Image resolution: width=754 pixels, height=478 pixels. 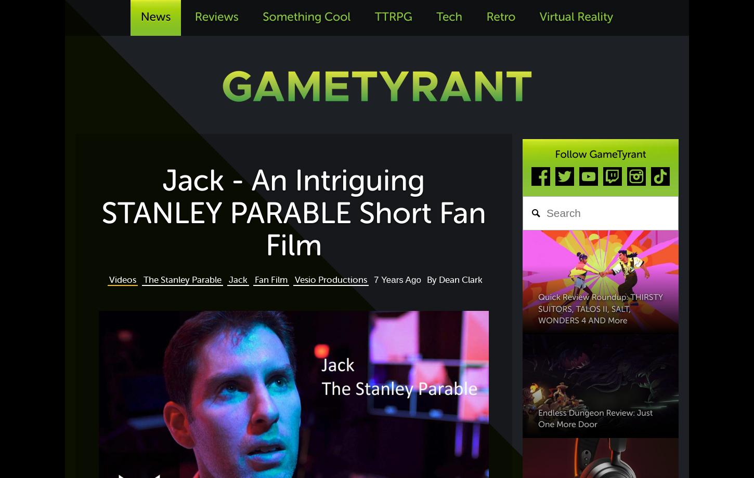 What do you see at coordinates (600, 153) in the screenshot?
I see `'Follow GameTyrant'` at bounding box center [600, 153].